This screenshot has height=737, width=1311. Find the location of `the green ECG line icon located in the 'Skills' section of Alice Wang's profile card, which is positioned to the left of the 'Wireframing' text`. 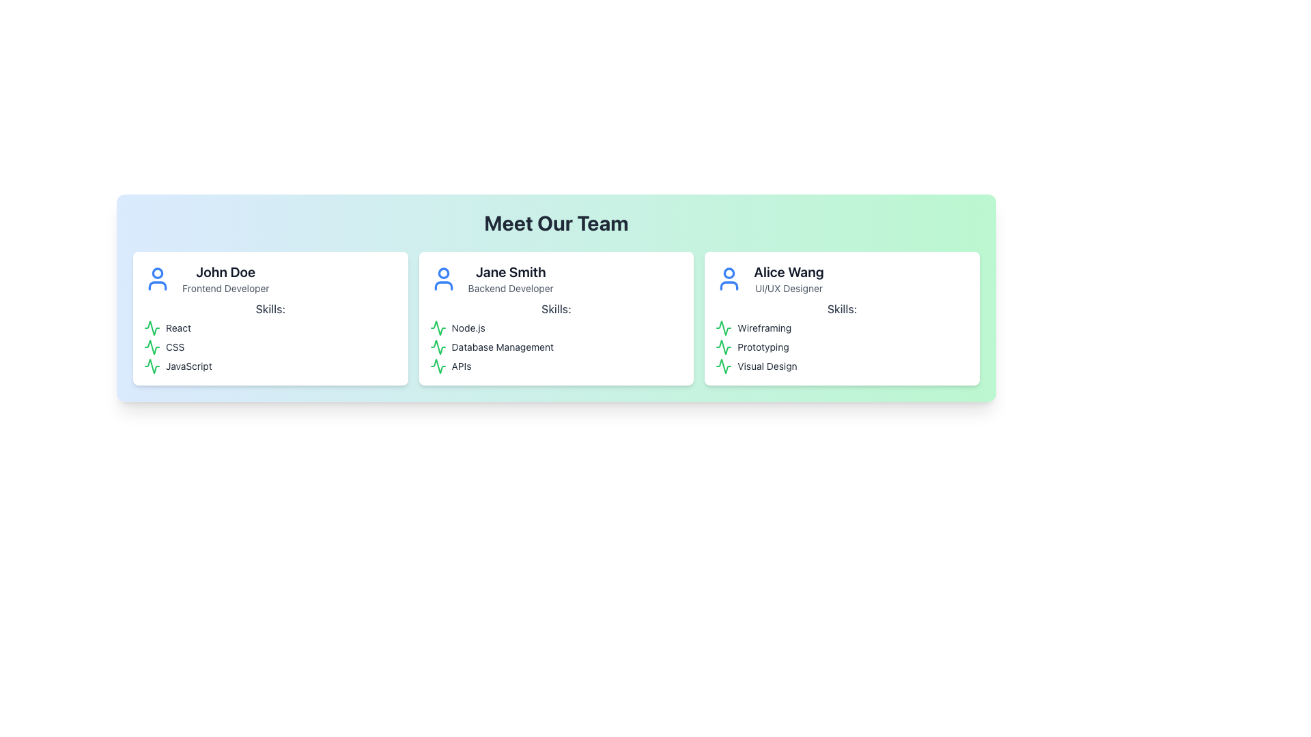

the green ECG line icon located in the 'Skills' section of Alice Wang's profile card, which is positioned to the left of the 'Wireframing' text is located at coordinates (723, 328).